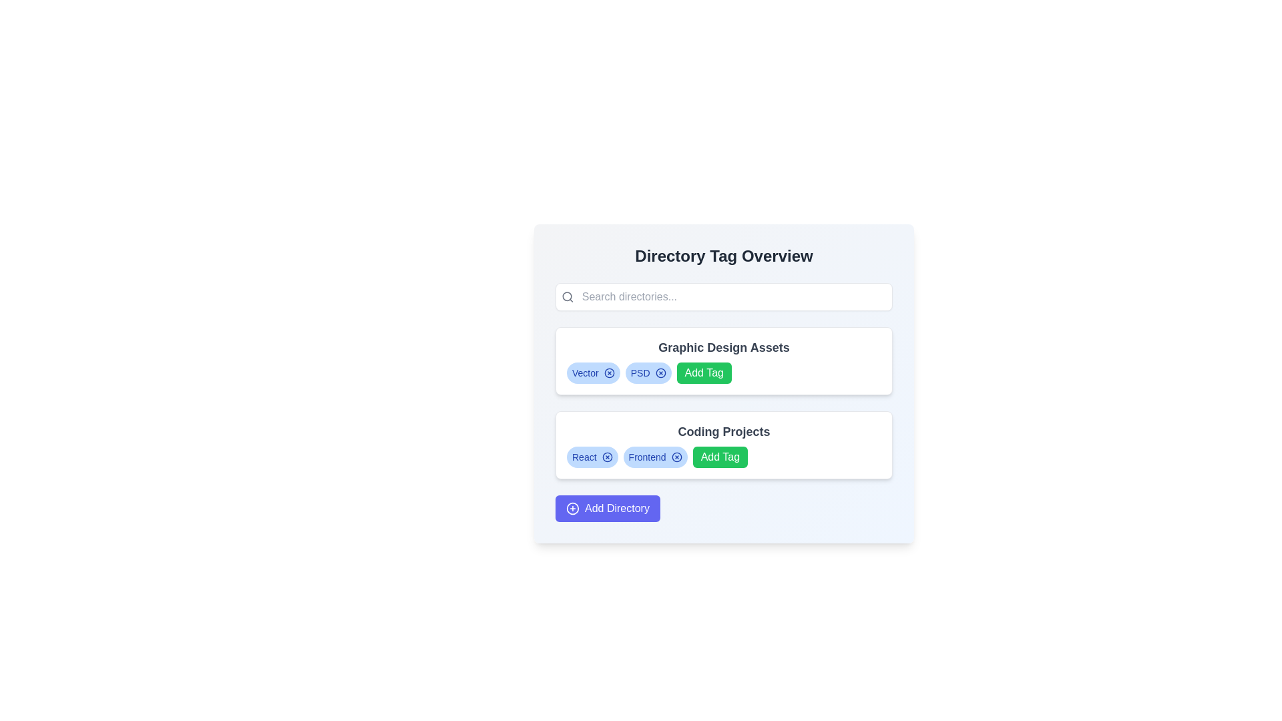 This screenshot has width=1282, height=721. Describe the element at coordinates (648, 373) in the screenshot. I see `the second pill-shaped label in the 'Graphic Design Assets' section` at that location.